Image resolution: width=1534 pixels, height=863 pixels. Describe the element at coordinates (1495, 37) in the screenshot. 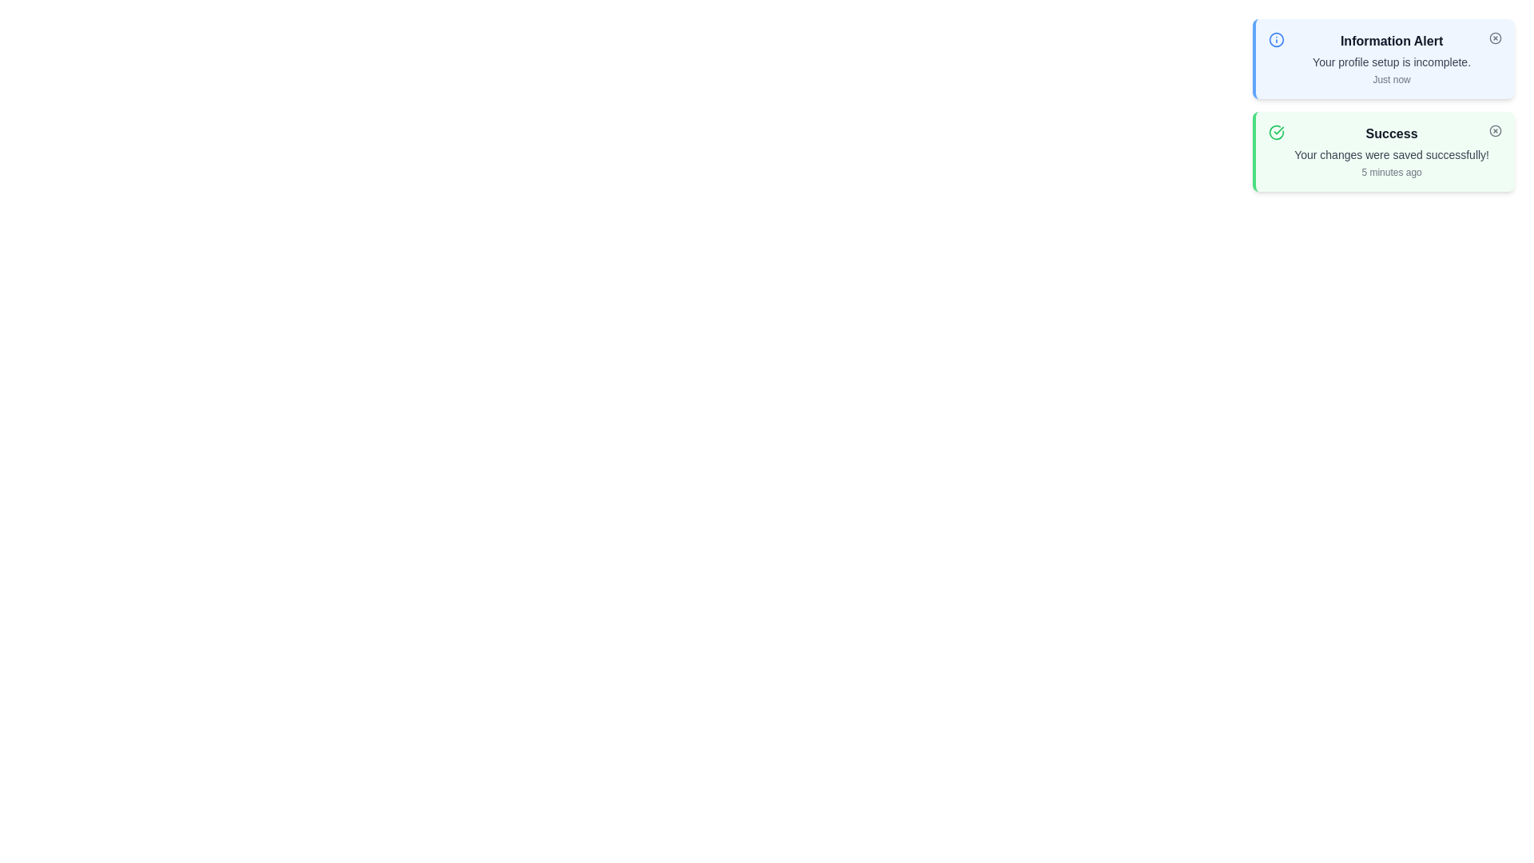

I see `the close button of the first notification to dismiss it` at that location.